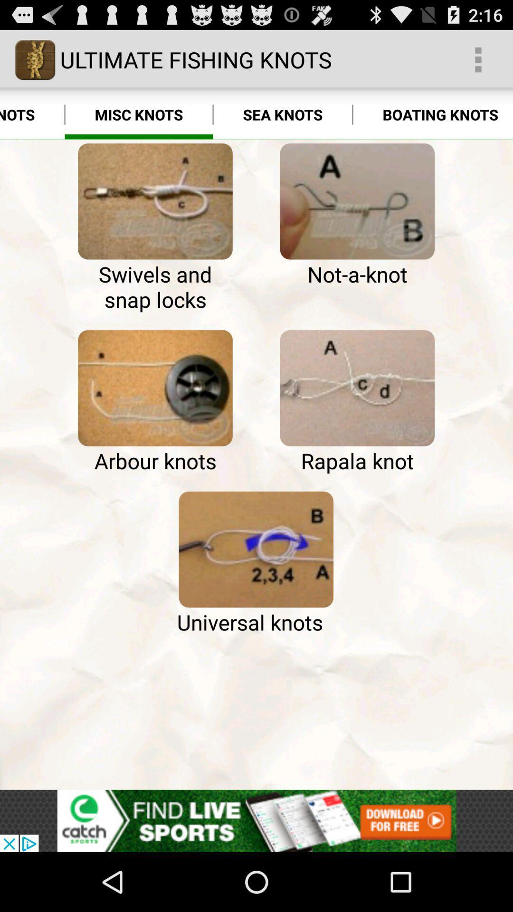 The height and width of the screenshot is (912, 513). I want to click on the app to the left of the sea knots icon, so click(139, 114).